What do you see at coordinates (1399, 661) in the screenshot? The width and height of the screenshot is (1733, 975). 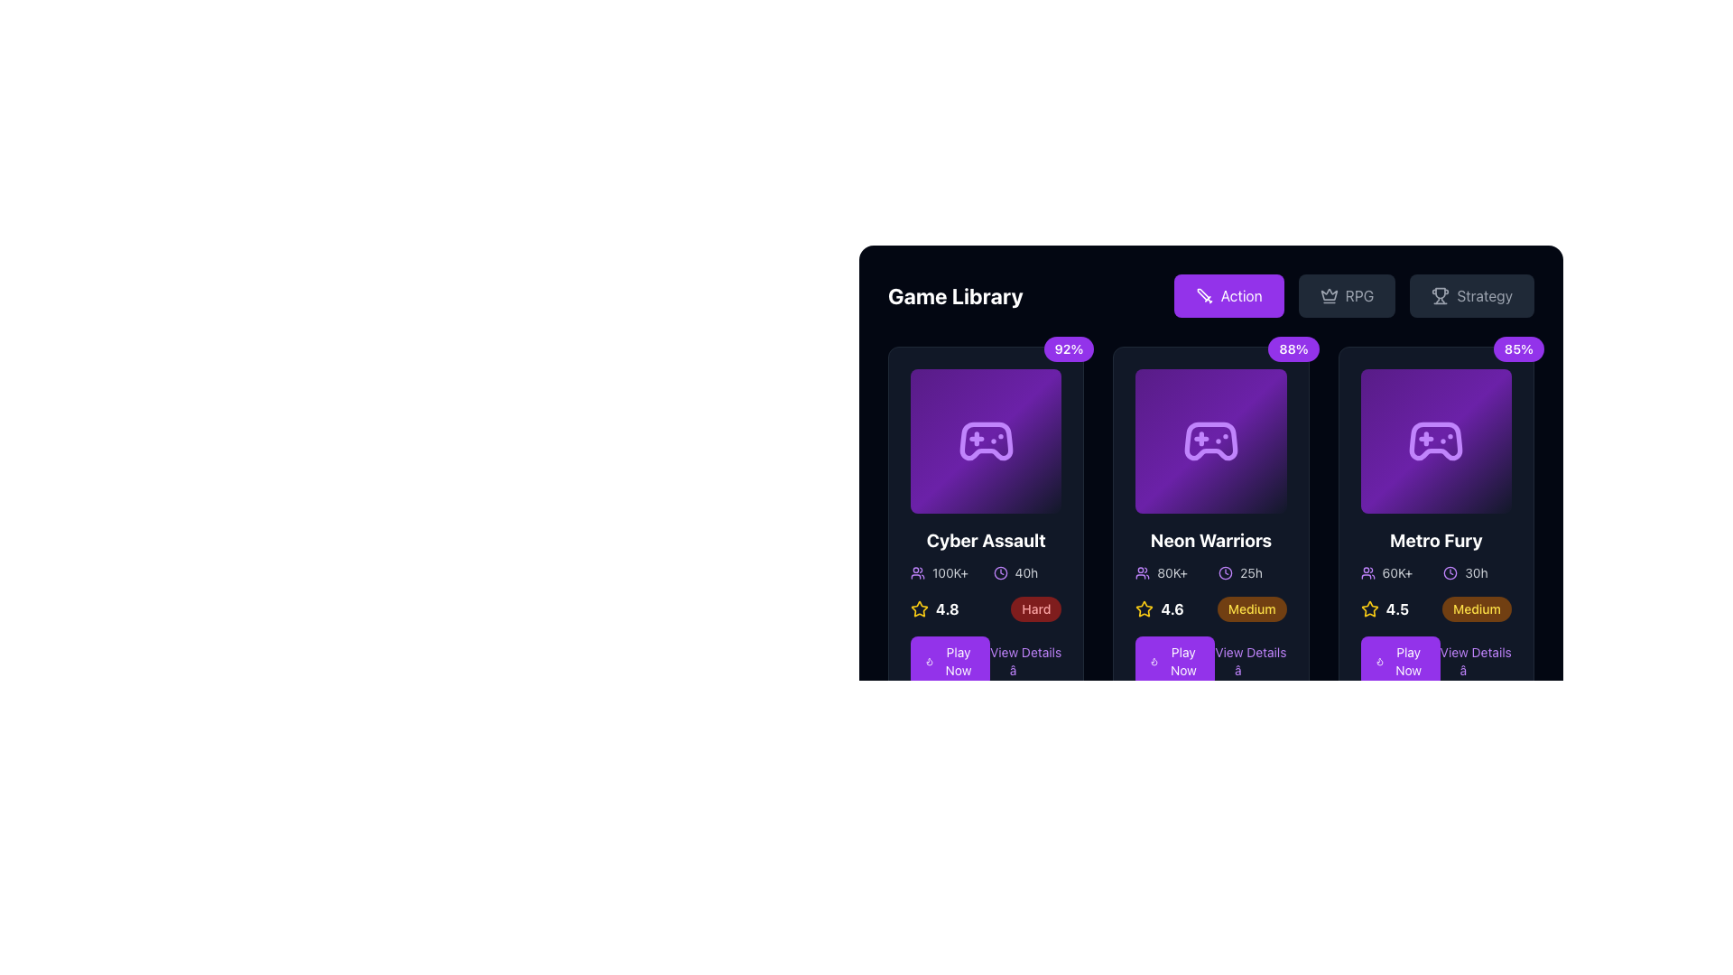 I see `the 'Play Now' button with a purple background and white text, located in the 'Metro Fury' card in the 'Game Library', to observe a change in color for interactivity feedback` at bounding box center [1399, 661].